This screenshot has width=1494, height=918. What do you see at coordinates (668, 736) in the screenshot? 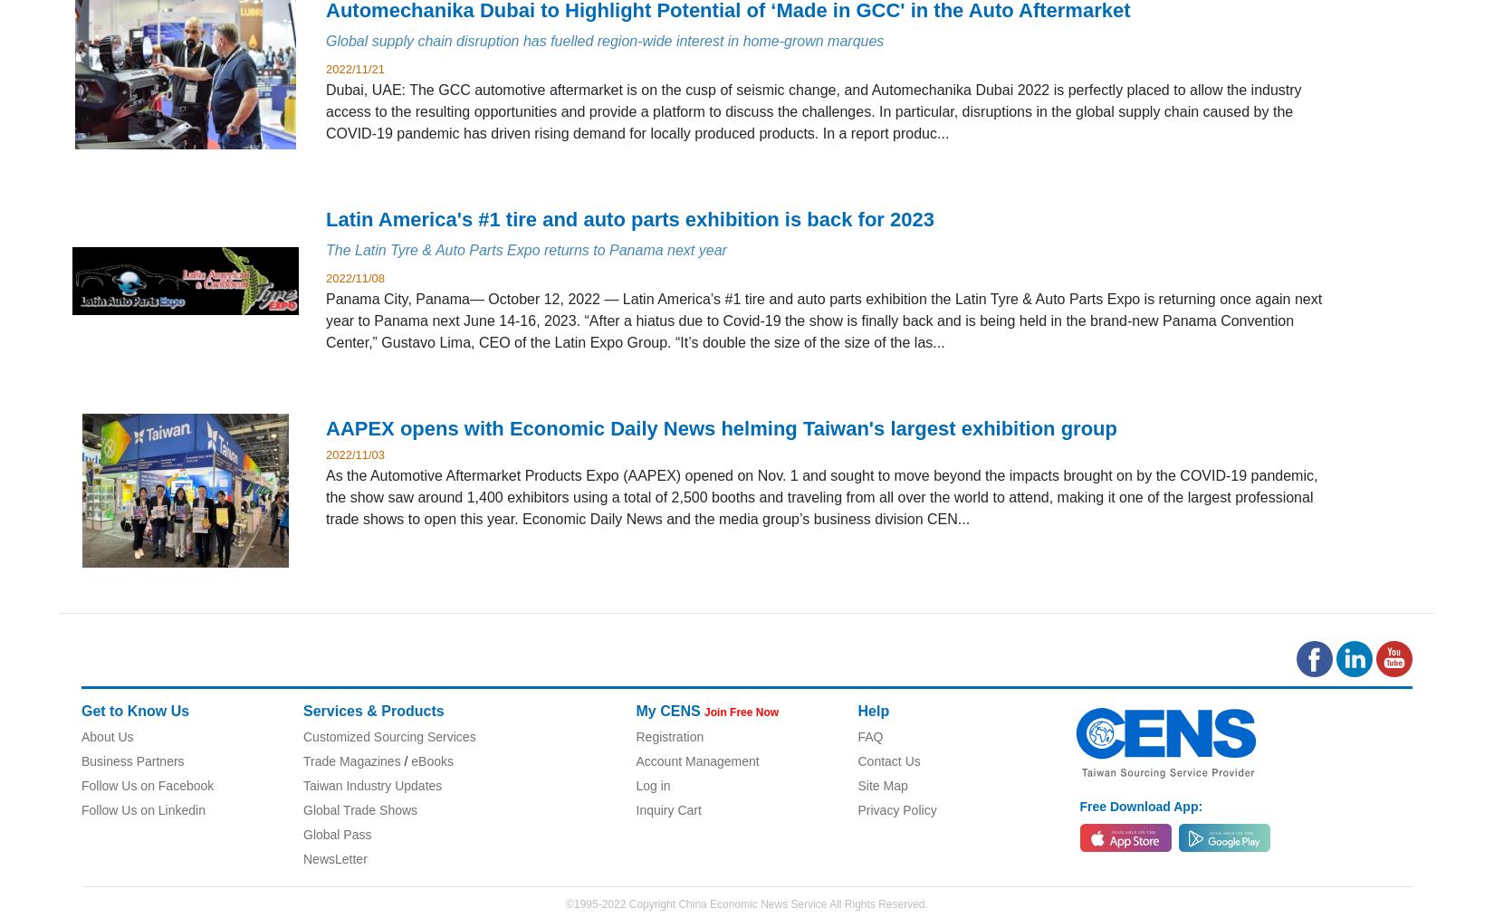
I see `'Registration'` at bounding box center [668, 736].